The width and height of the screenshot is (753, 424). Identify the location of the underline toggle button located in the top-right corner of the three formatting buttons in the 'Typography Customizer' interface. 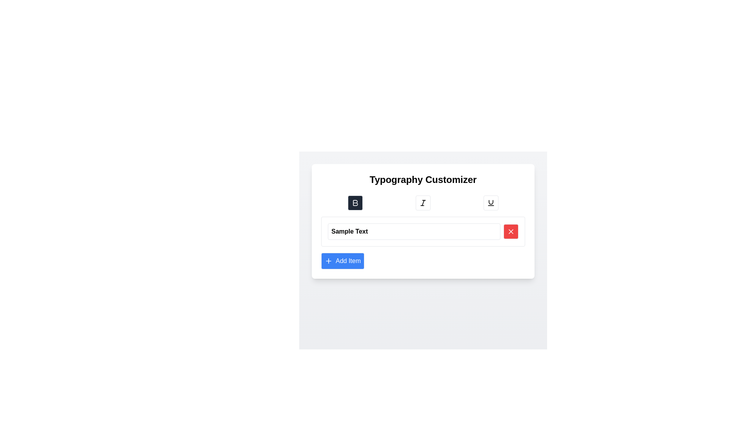
(491, 202).